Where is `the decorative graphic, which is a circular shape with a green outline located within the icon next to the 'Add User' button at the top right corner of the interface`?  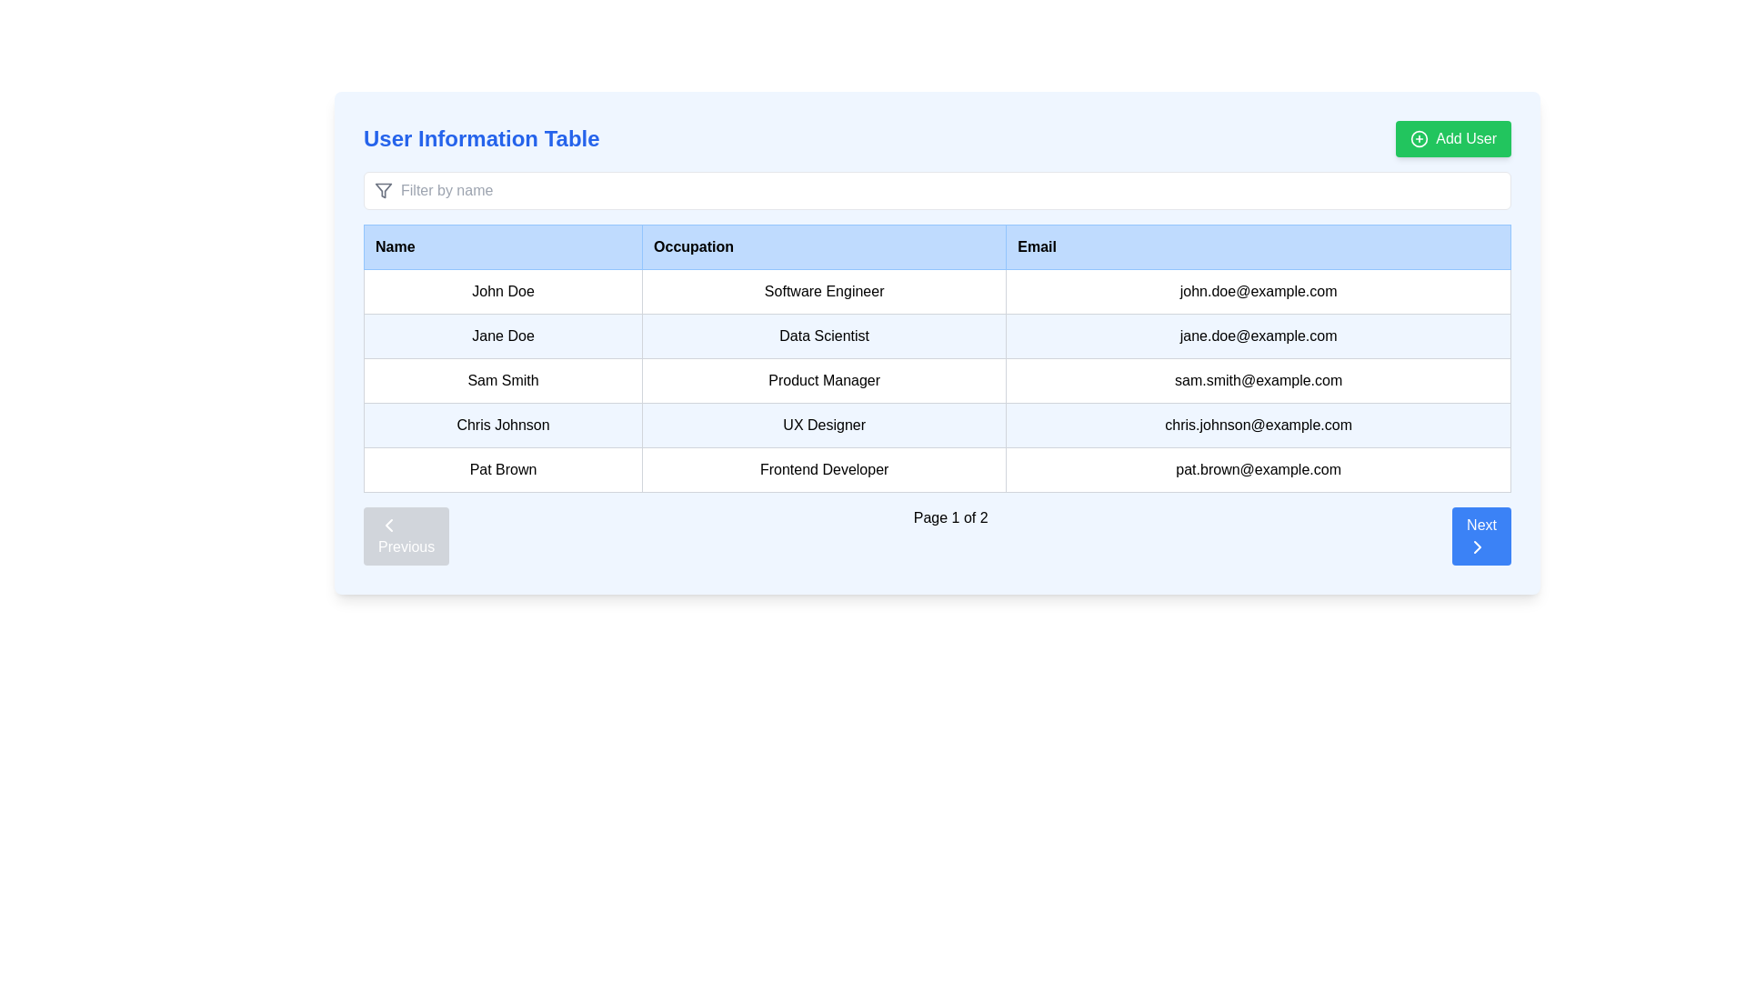 the decorative graphic, which is a circular shape with a green outline located within the icon next to the 'Add User' button at the top right corner of the interface is located at coordinates (1419, 138).